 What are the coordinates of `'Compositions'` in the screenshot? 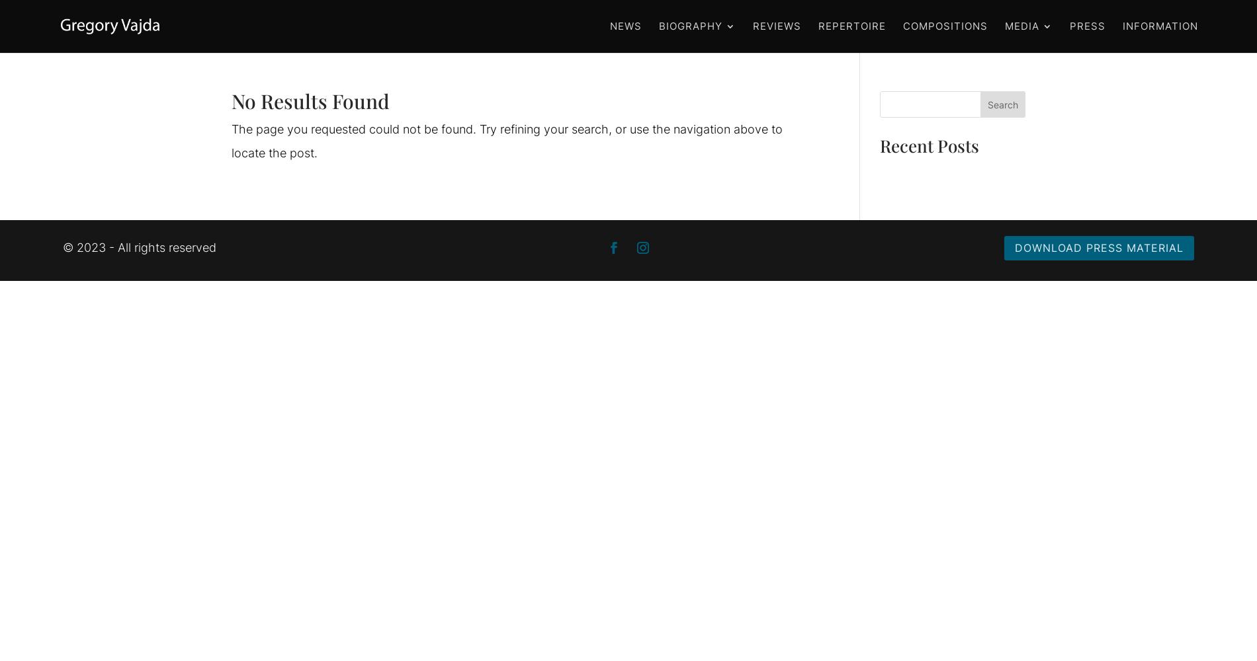 It's located at (945, 26).